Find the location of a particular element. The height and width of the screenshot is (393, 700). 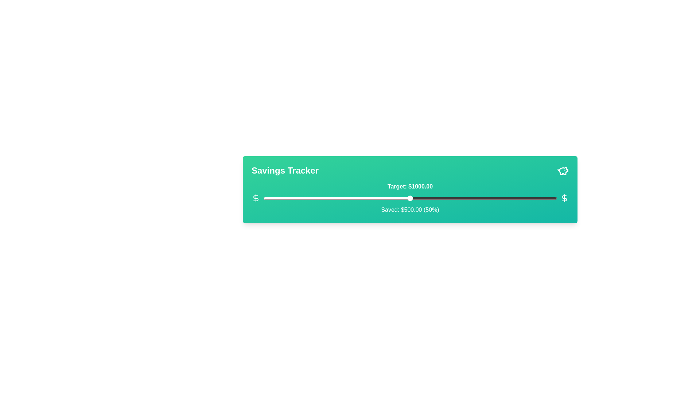

the piggy bank icon styled in white color with a line-art design on a green background, located at the top-right corner of the card is located at coordinates (563, 171).